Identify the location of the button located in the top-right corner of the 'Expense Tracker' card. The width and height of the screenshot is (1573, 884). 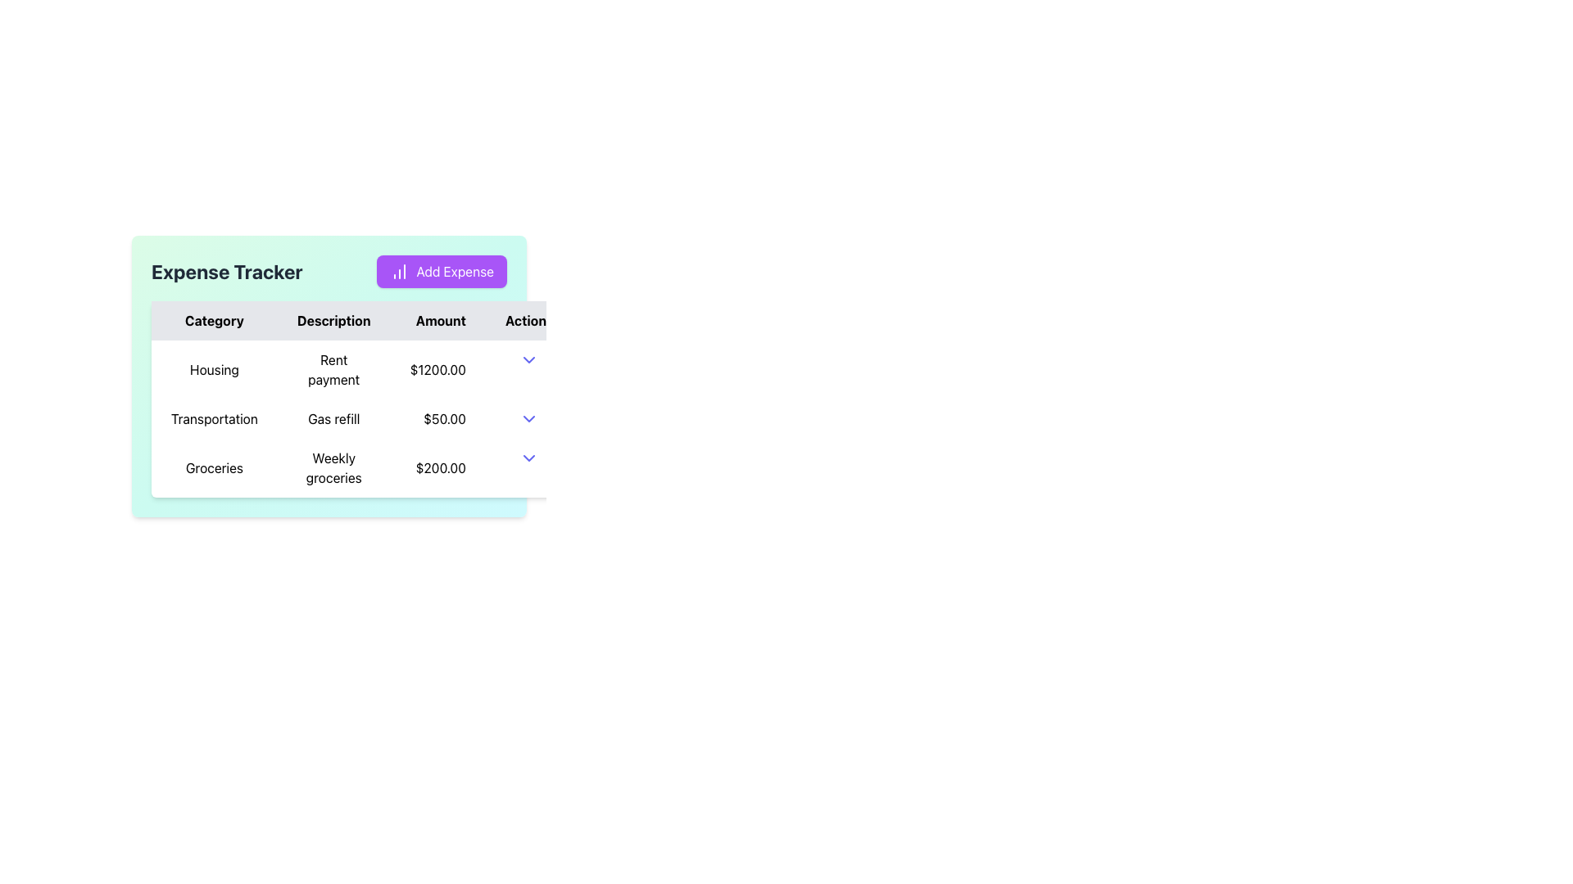
(442, 270).